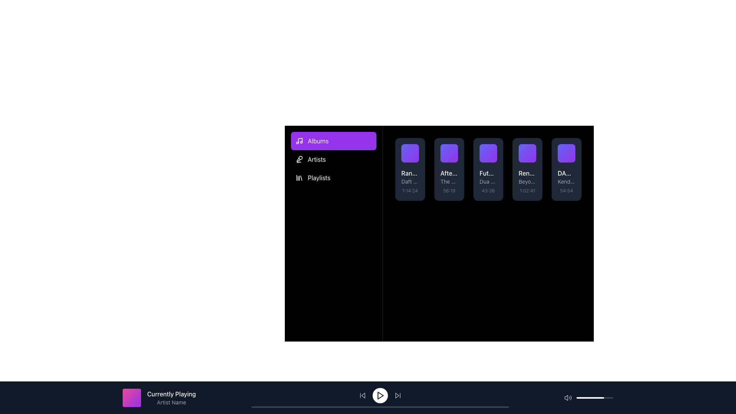  Describe the element at coordinates (319, 177) in the screenshot. I see `the 'Playlists' text label within the navigational menu` at that location.